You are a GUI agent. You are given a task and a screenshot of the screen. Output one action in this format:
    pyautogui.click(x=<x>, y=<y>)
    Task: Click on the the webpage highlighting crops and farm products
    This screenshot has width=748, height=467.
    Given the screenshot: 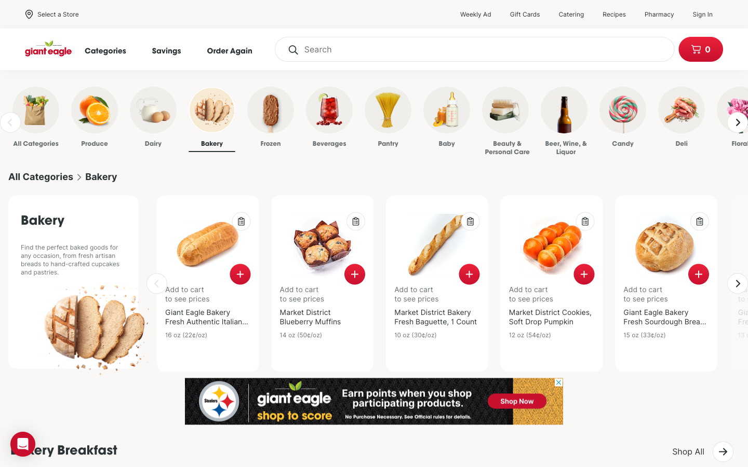 What is the action you would take?
    pyautogui.click(x=81, y=119)
    